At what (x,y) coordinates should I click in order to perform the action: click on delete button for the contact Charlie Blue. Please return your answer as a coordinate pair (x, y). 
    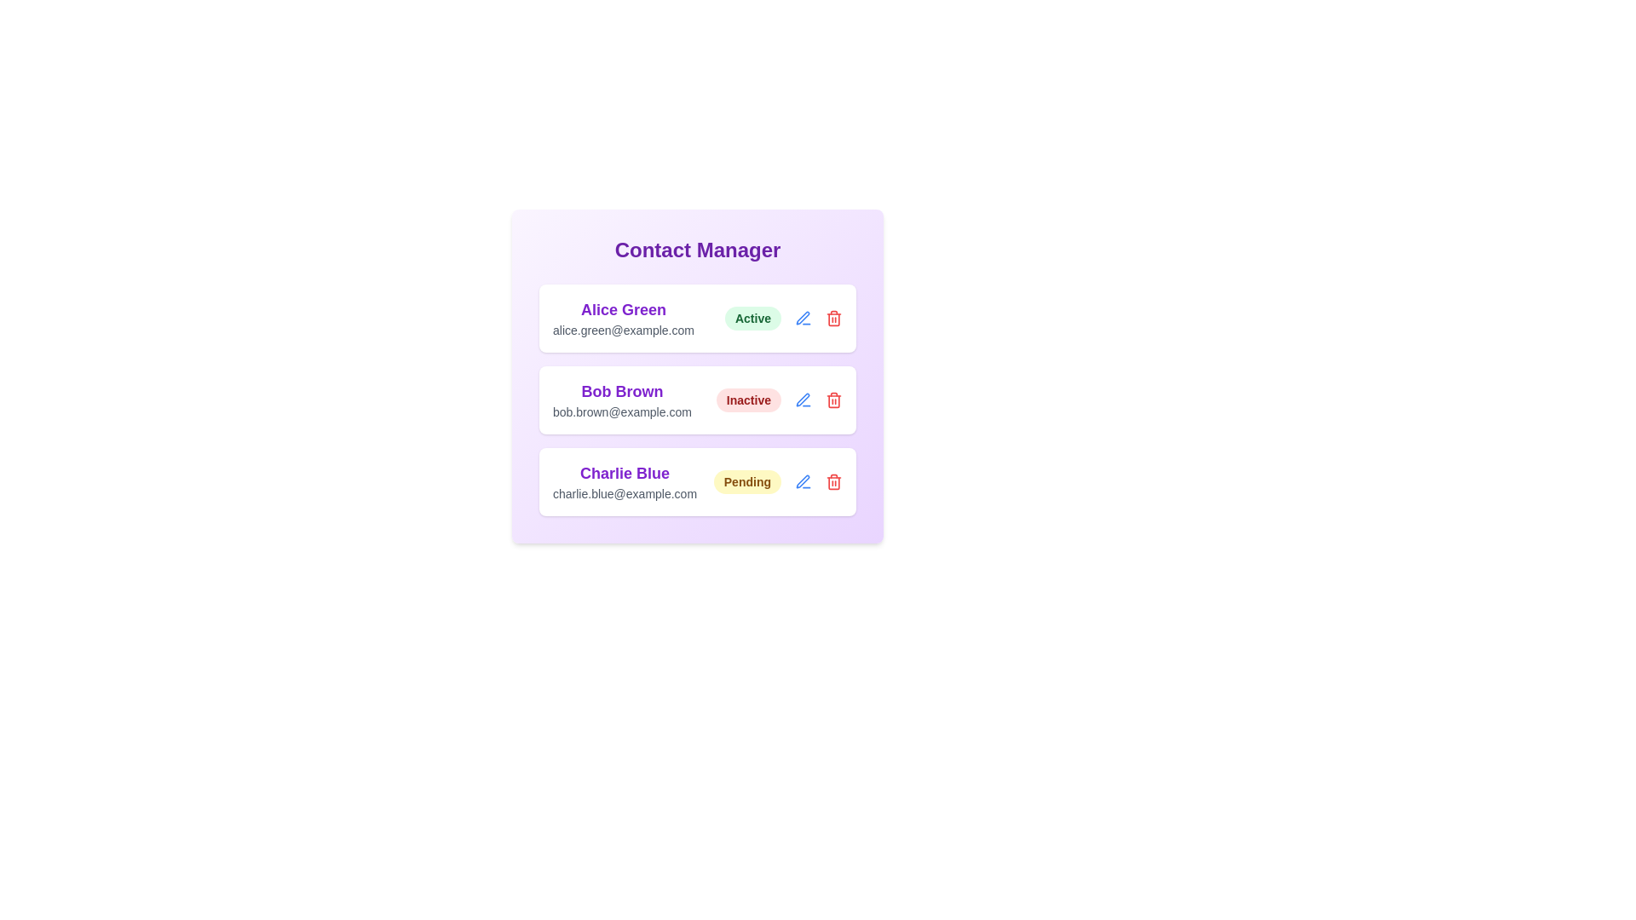
    Looking at the image, I should click on (834, 482).